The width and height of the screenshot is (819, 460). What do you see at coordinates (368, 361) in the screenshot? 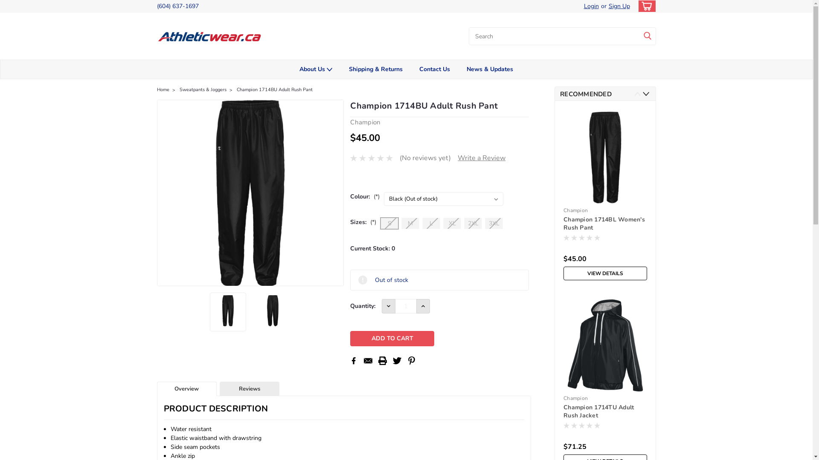
I see `'Email'` at bounding box center [368, 361].